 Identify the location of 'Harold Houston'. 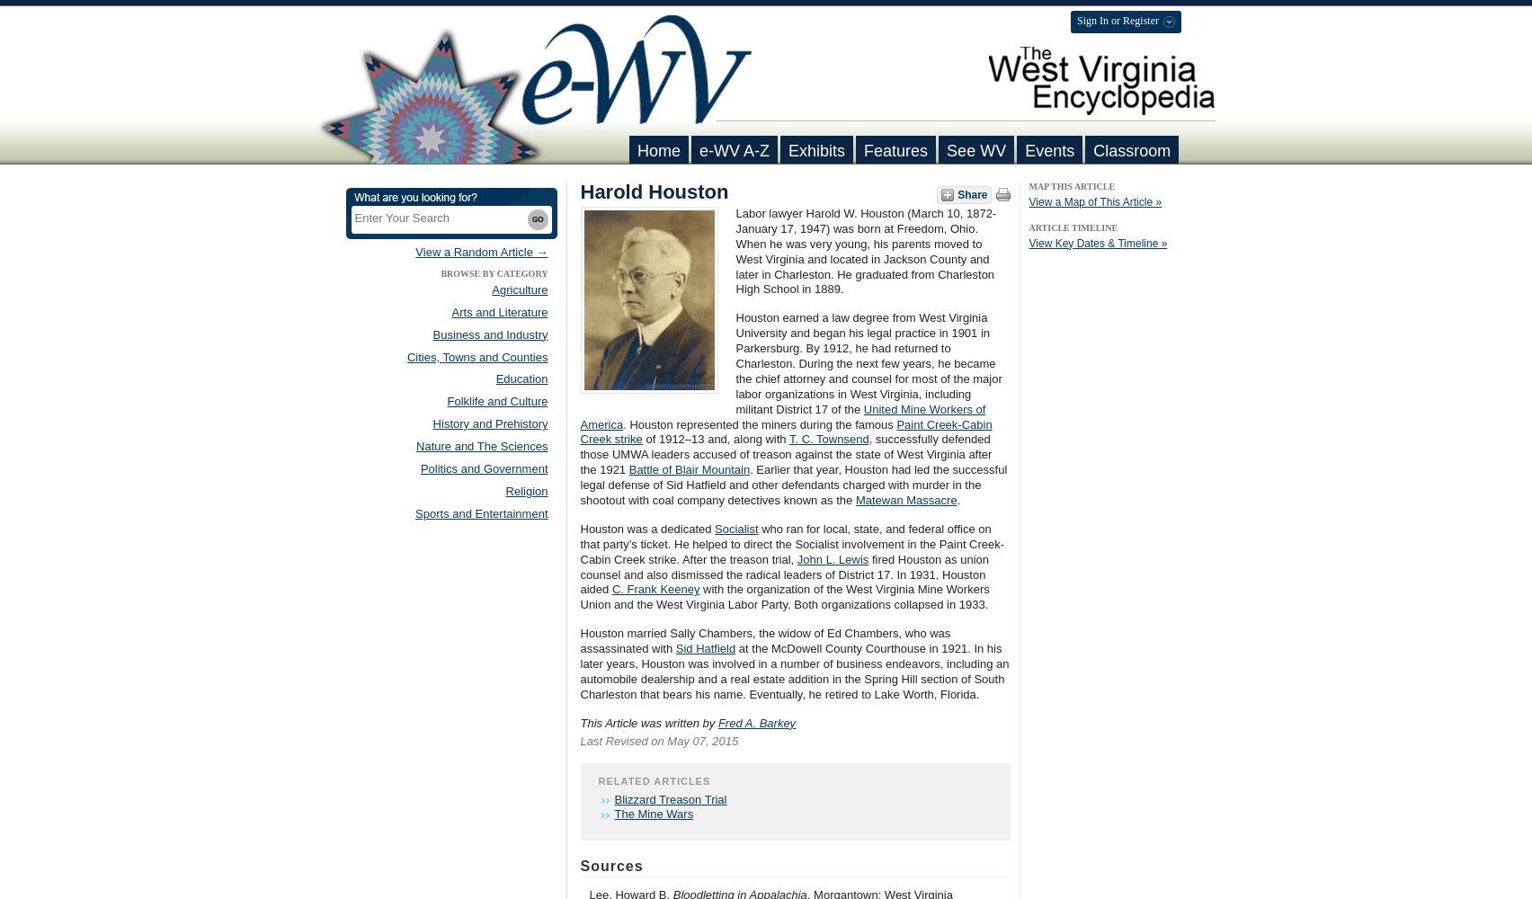
(578, 191).